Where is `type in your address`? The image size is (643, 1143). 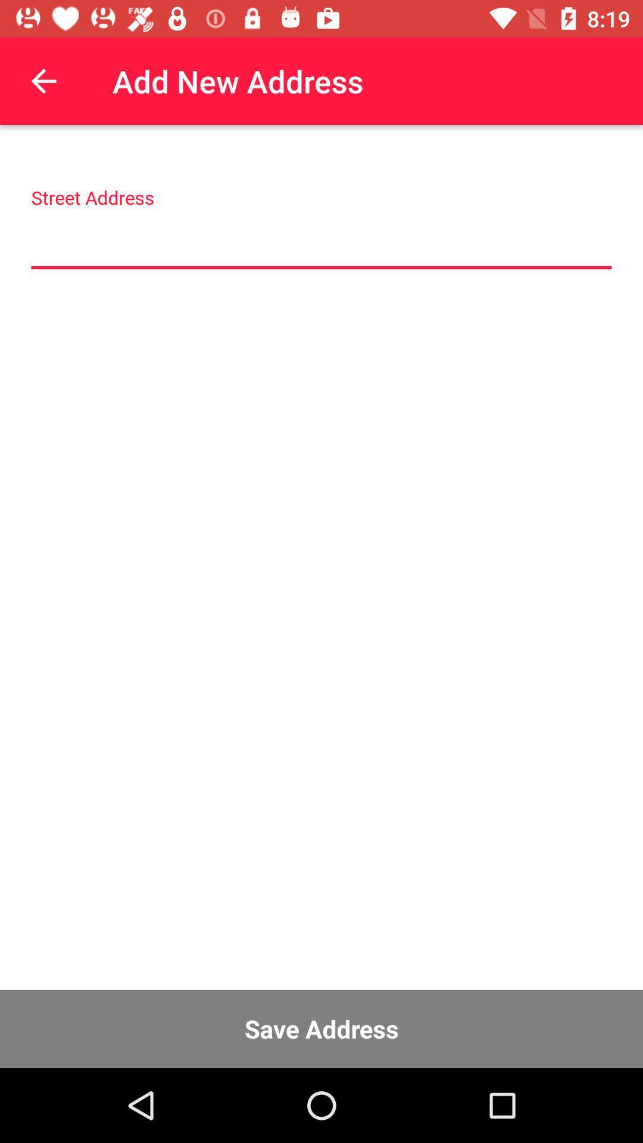 type in your address is located at coordinates (321, 241).